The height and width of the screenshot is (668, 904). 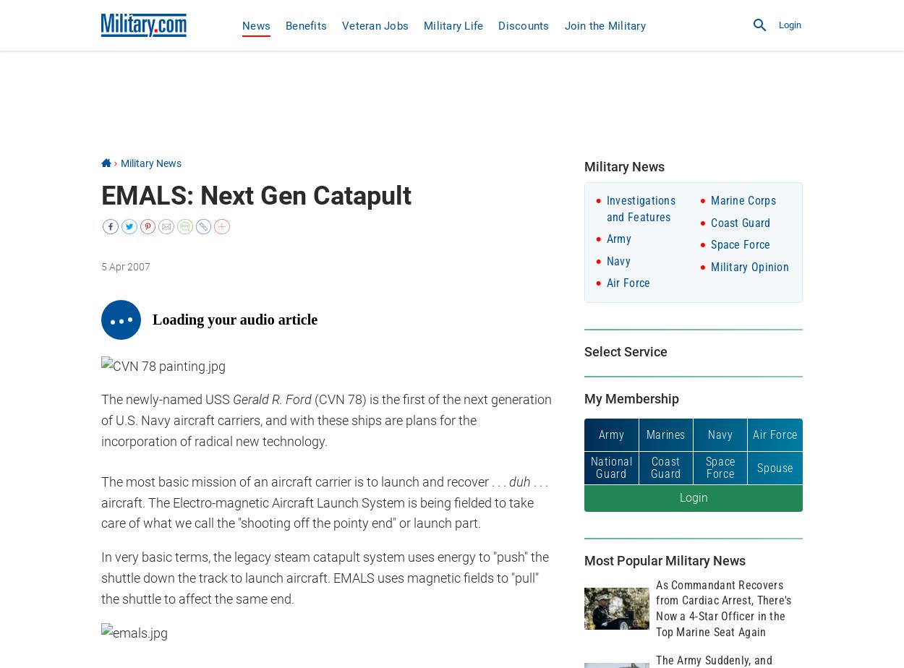 What do you see at coordinates (166, 399) in the screenshot?
I see `'The newly-named USS'` at bounding box center [166, 399].